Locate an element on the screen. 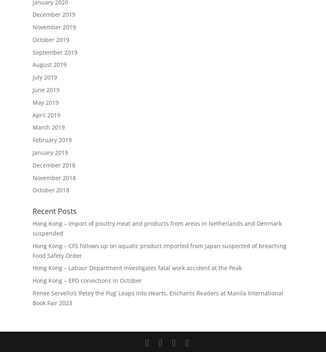 This screenshot has width=326, height=352. 'December 2019' is located at coordinates (33, 14).